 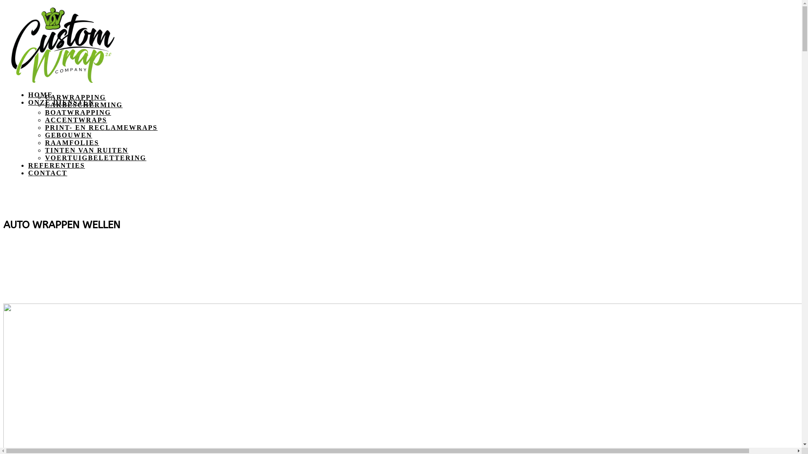 I want to click on 'ONZE DIENSTEN', so click(x=61, y=102).